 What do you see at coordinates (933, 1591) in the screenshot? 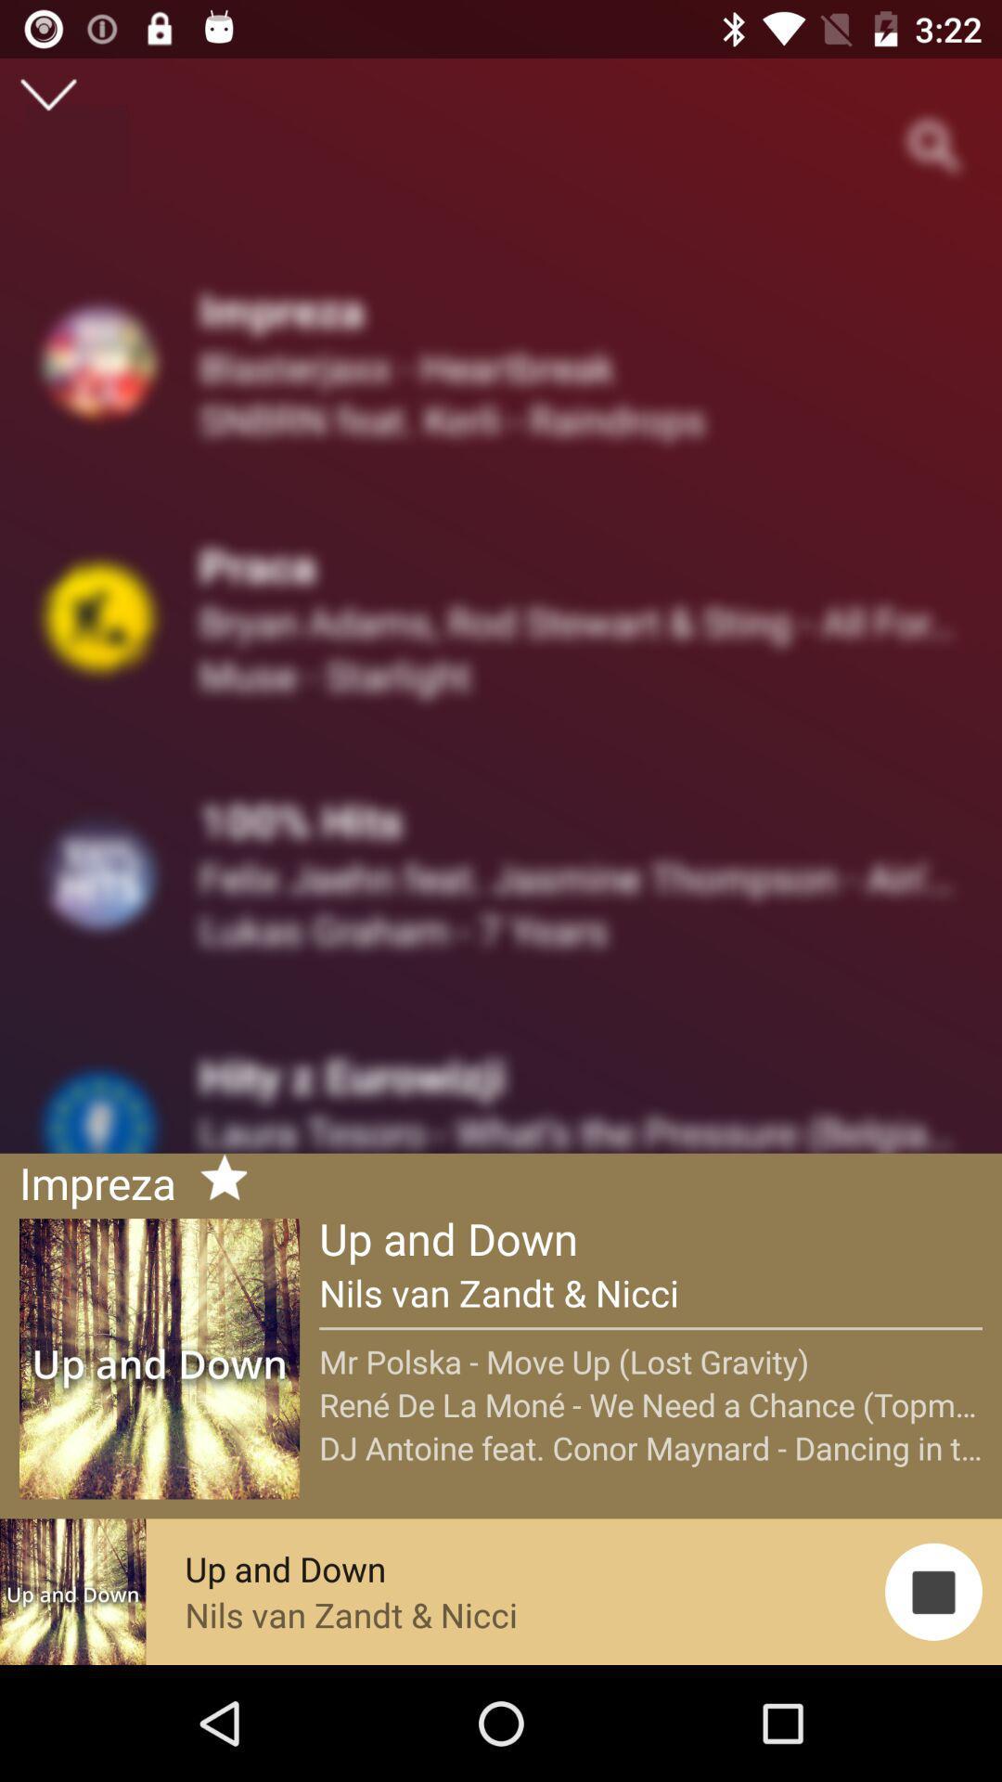
I see `the icon next to nils van zandt icon` at bounding box center [933, 1591].